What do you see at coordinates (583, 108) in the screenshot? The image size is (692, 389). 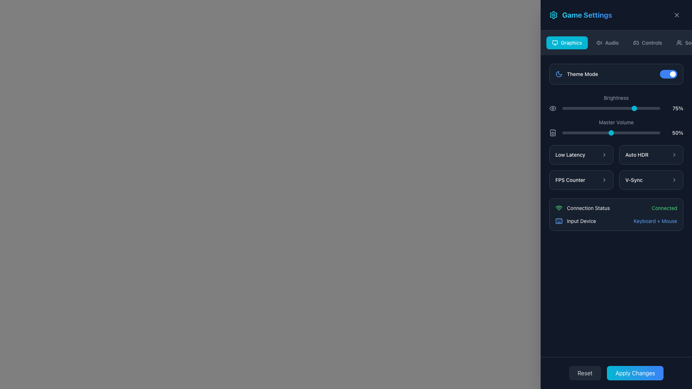 I see `the brightness` at bounding box center [583, 108].